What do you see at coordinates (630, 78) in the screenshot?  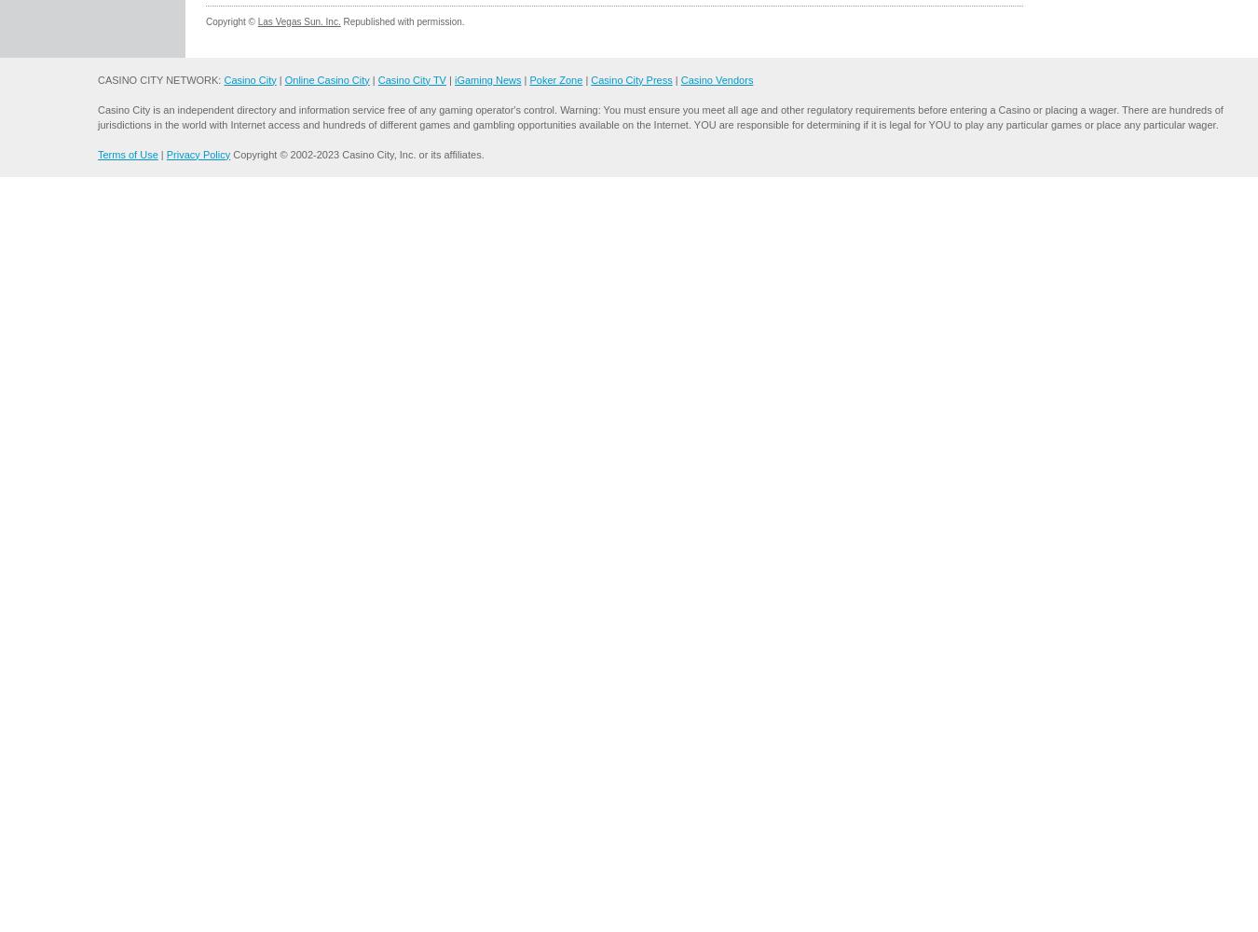 I see `'Casino City Press'` at bounding box center [630, 78].